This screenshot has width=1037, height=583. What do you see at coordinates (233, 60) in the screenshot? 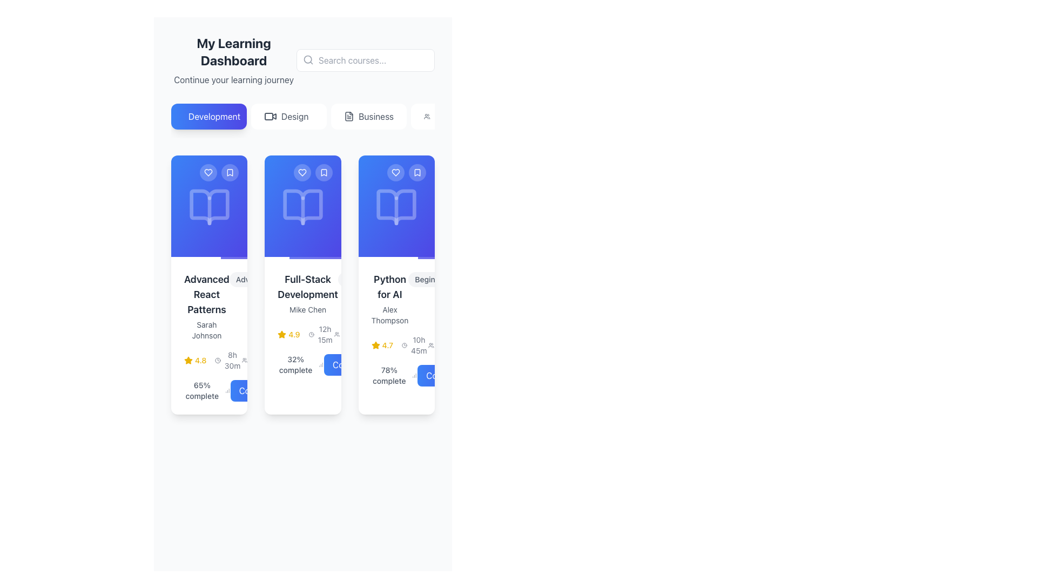
I see `the title and descriptive subtitle text block in the upper-left corner of the learning dashboard, which provides an overview of the page's purpose` at bounding box center [233, 60].